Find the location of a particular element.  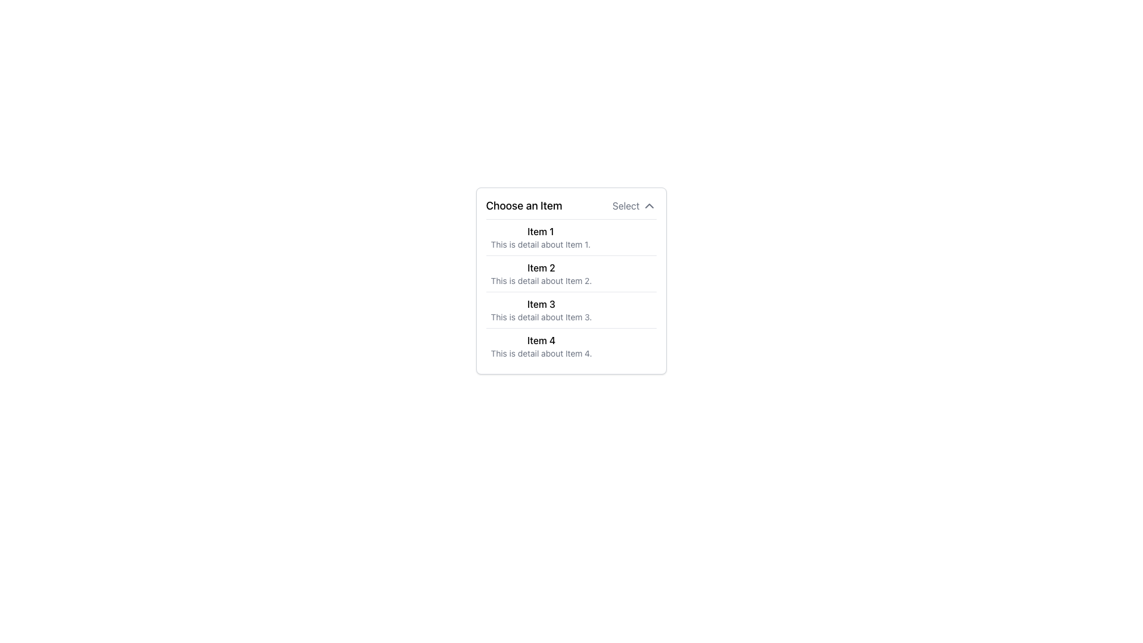

the List Option labeled 'Item 4' which displays supporting text 'This is detail about Item 4.' is located at coordinates (541, 347).